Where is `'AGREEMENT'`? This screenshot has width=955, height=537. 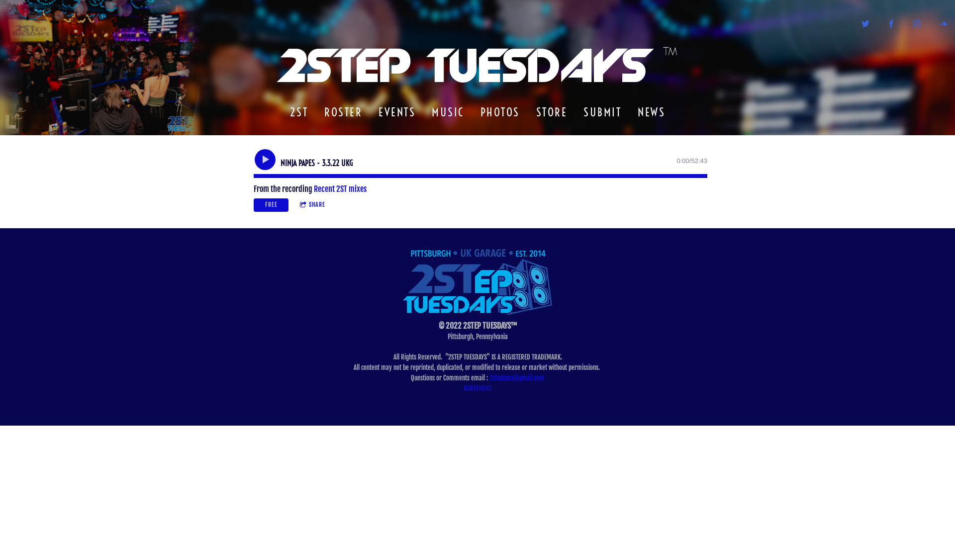
'AGREEMENT' is located at coordinates (463, 387).